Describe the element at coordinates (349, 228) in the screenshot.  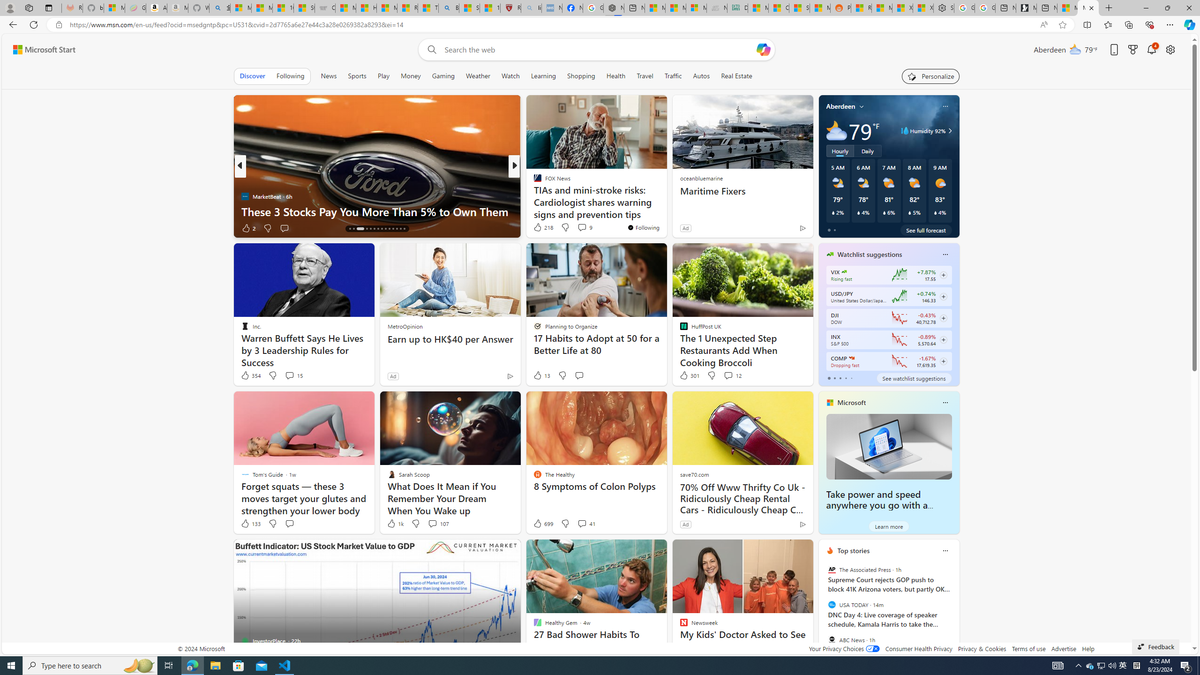
I see `'AutomationID: tab-15'` at that location.